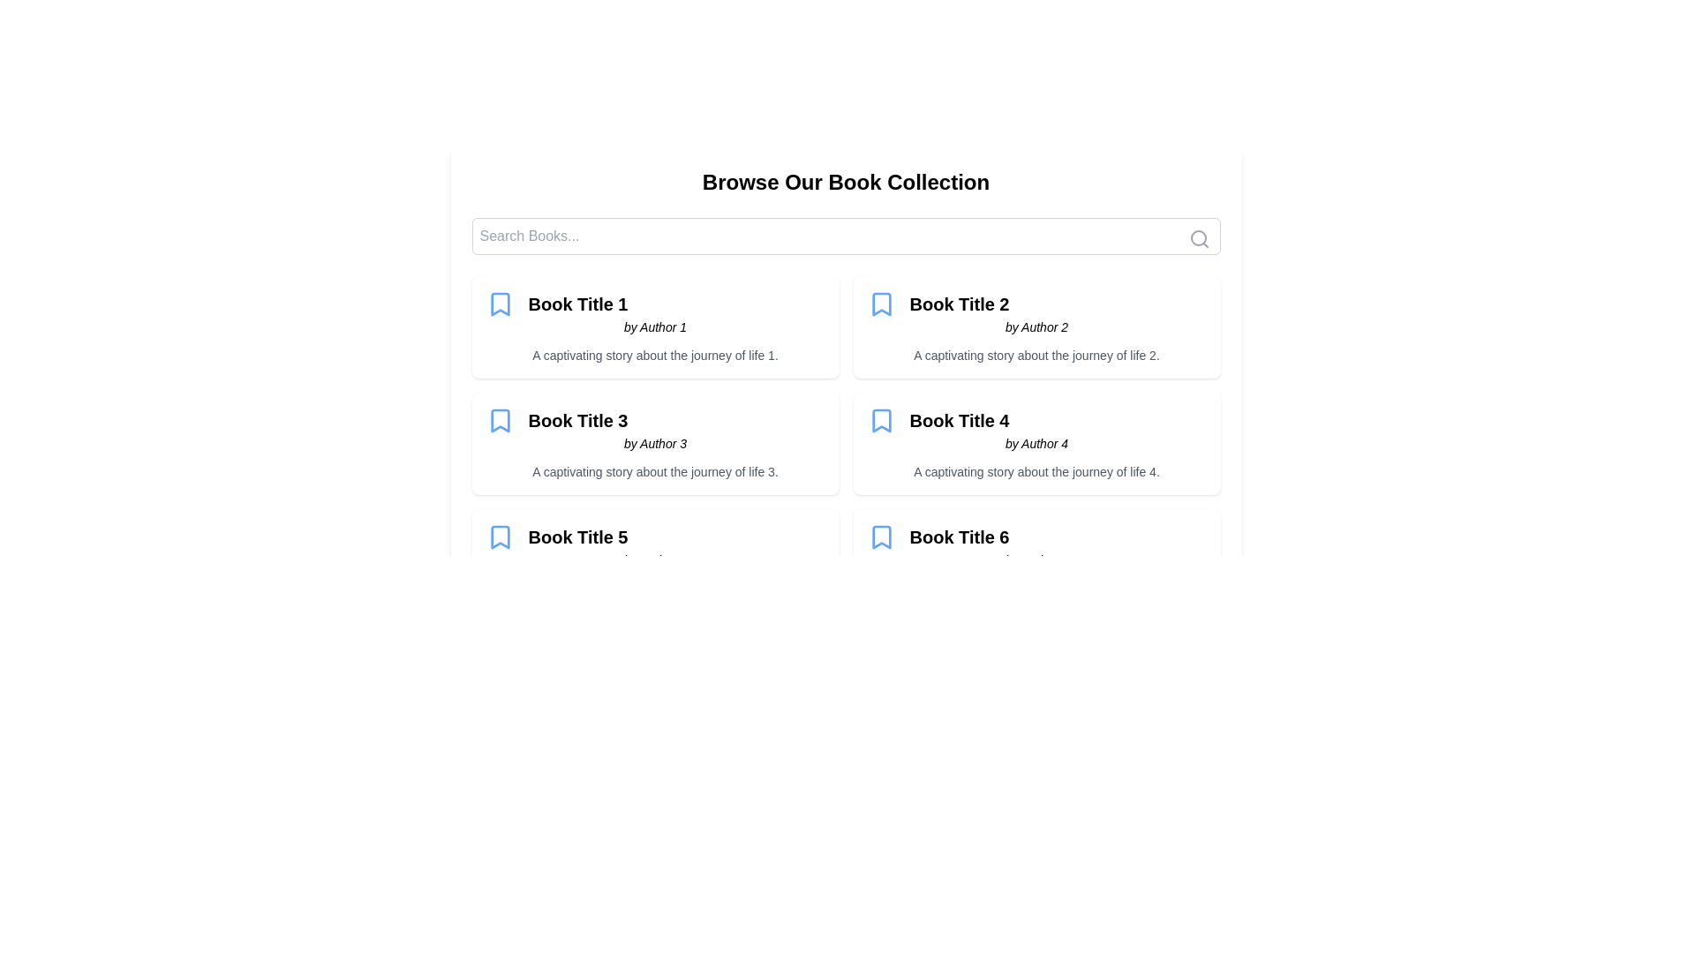  Describe the element at coordinates (654, 442) in the screenshot. I see `the book card representing a book in the collection` at that location.